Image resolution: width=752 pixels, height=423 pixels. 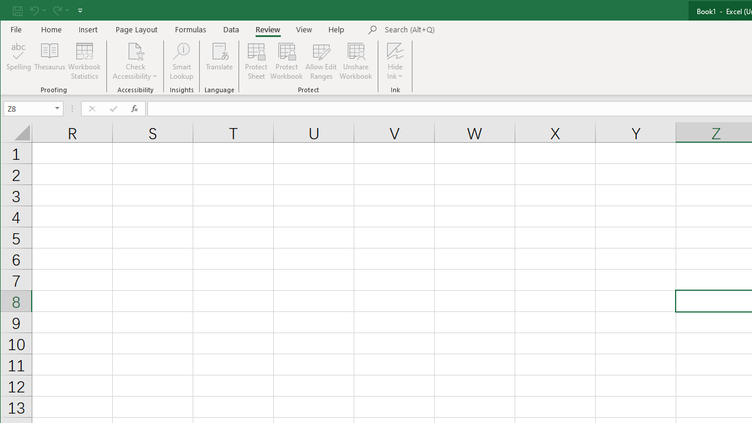 I want to click on 'Workbook Statistics', so click(x=84, y=61).